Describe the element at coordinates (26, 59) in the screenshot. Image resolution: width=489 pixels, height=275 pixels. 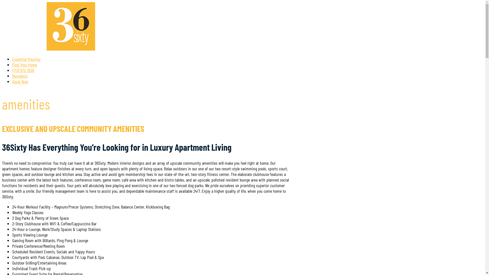
I see `'Essential Housing'` at that location.